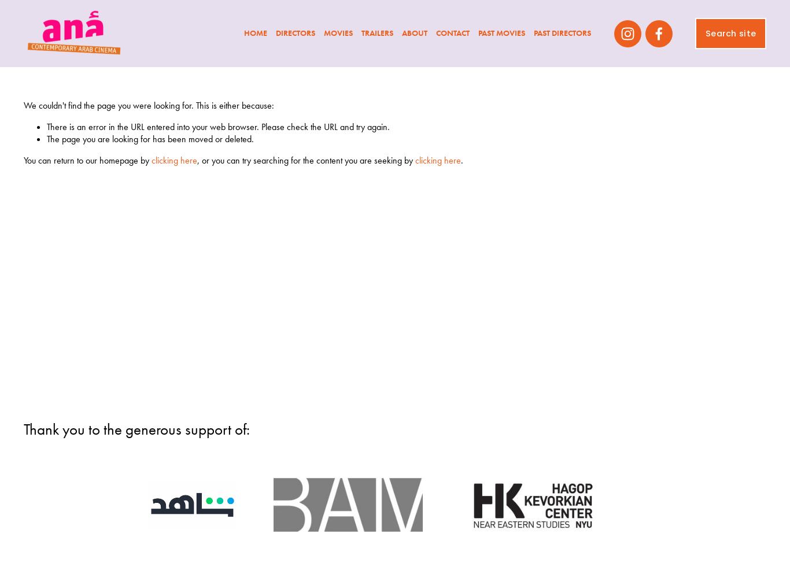  What do you see at coordinates (148, 105) in the screenshot?
I see `'We couldn't find the page you were looking for. This is either because:'` at bounding box center [148, 105].